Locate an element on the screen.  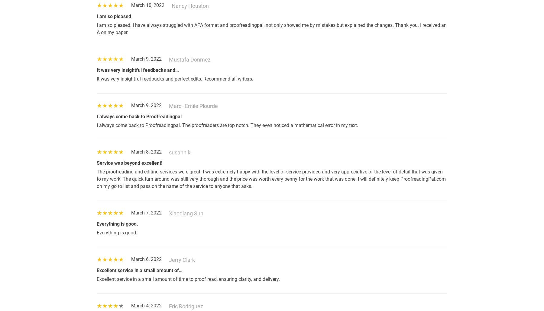
'Excellent service in a small amount of…' is located at coordinates (139, 270).